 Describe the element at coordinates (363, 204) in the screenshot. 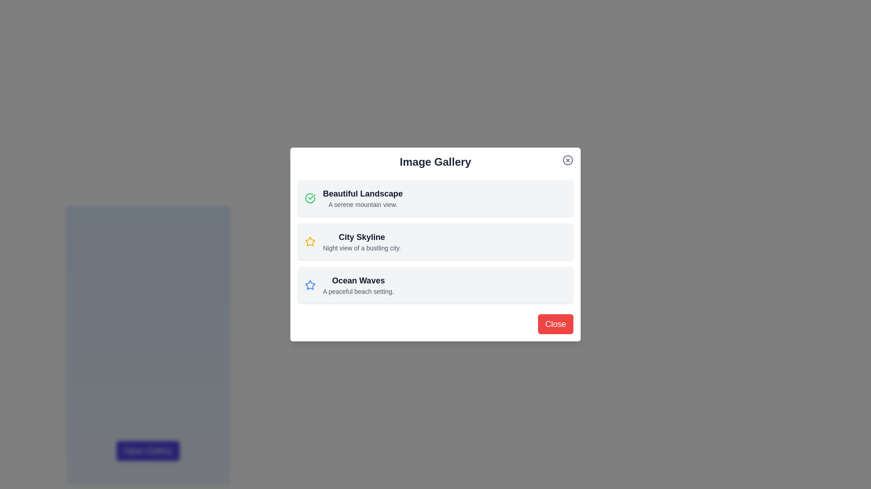

I see `the displayed description of the text element located below the title 'Beautiful Landscape' in the dialog box, which is formatted in a smaller light gray font` at that location.